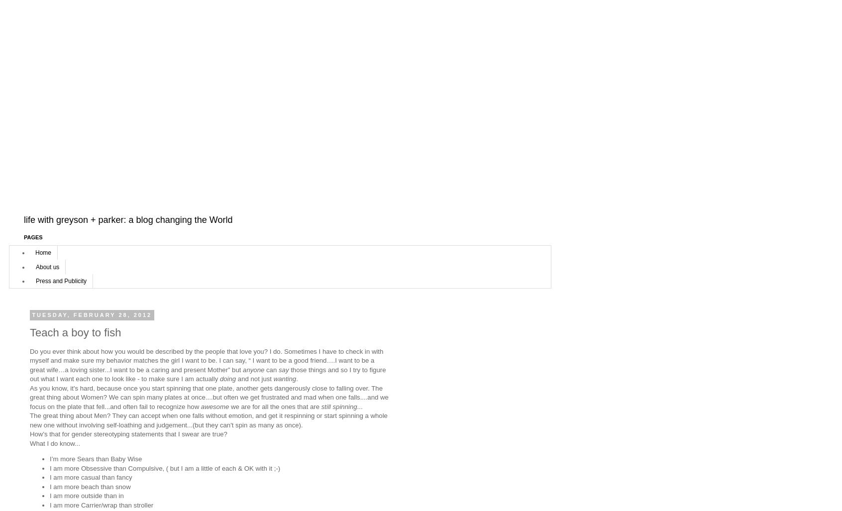  I want to click on 'those things and so I try to figure out what I want each one to look like - to make sure I am actually', so click(208, 373).